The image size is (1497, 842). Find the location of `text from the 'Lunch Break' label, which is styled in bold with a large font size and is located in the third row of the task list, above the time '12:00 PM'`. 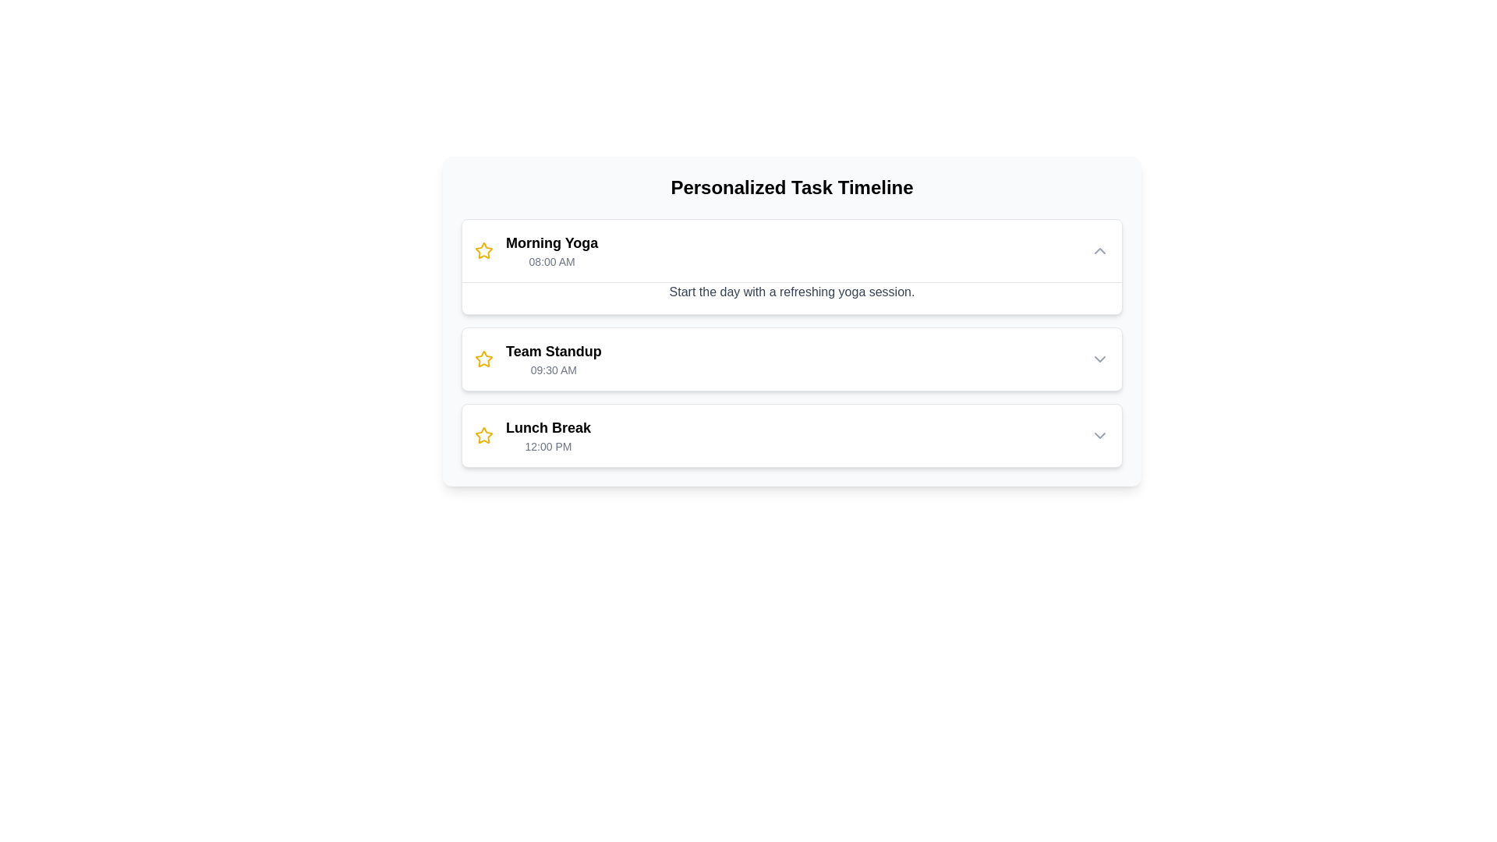

text from the 'Lunch Break' label, which is styled in bold with a large font size and is located in the third row of the task list, above the time '12:00 PM' is located at coordinates (548, 427).